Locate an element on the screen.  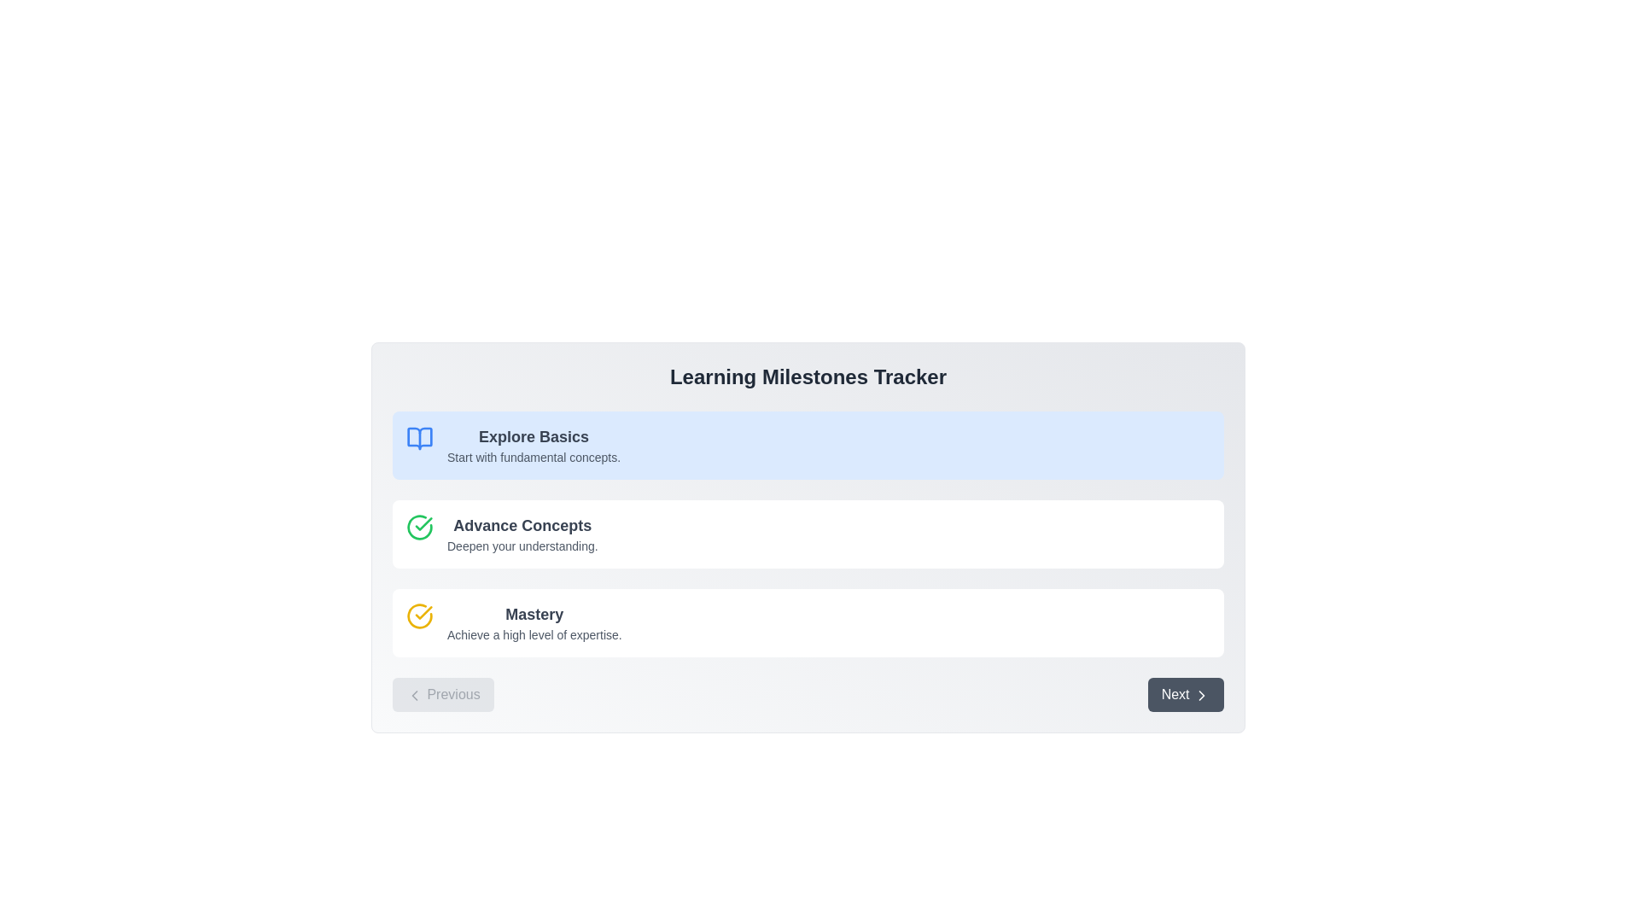
the icon that indicates the completion of the 'Advance Concepts' milestone, positioned within the middle card-like section aligned to the left of the text is located at coordinates (419, 533).